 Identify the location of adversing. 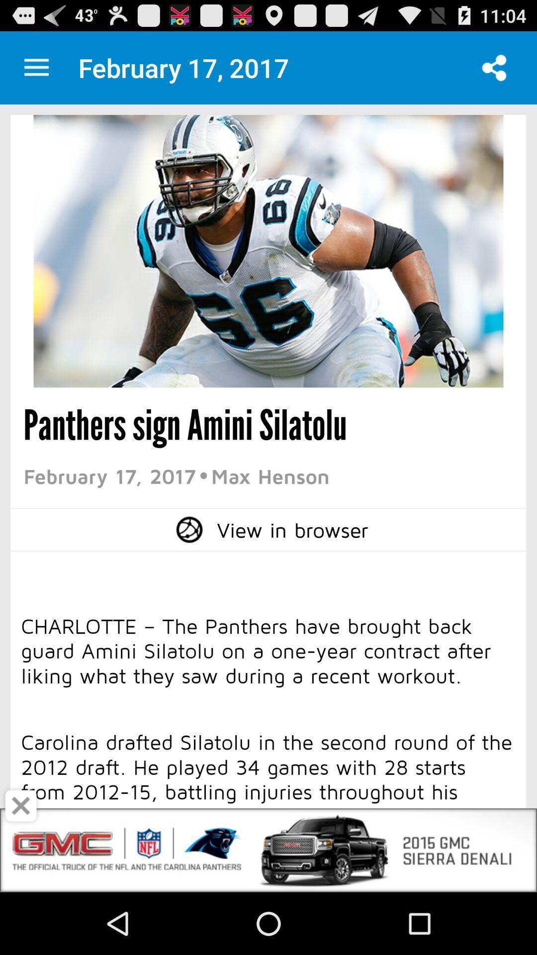
(21, 806).